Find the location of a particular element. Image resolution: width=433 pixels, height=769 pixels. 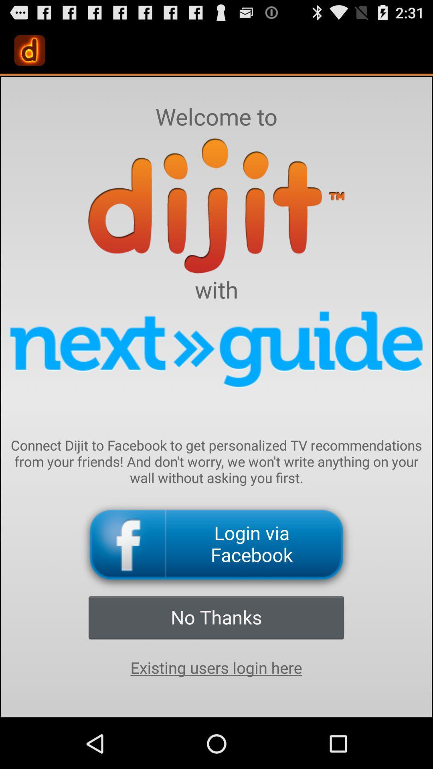

existing users login is located at coordinates (216, 668).